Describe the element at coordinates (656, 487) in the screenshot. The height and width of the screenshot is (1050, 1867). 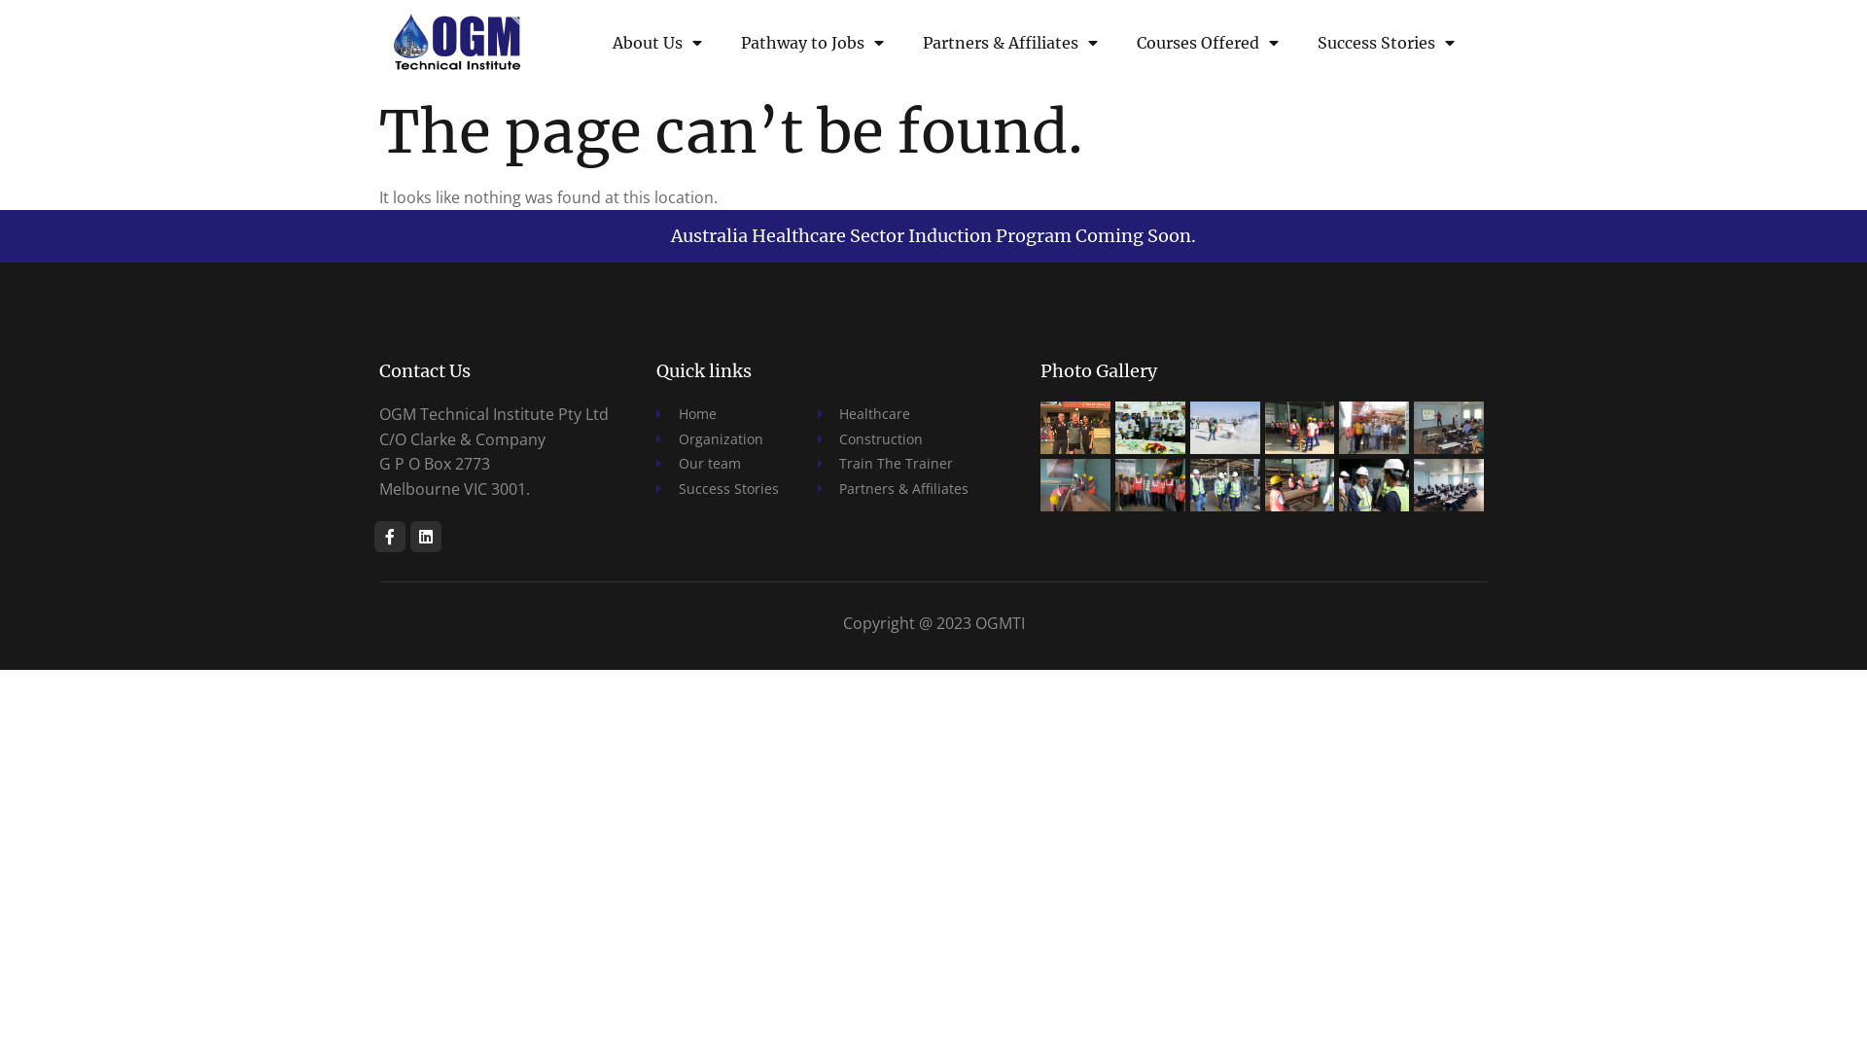
I see `'Success Stories'` at that location.